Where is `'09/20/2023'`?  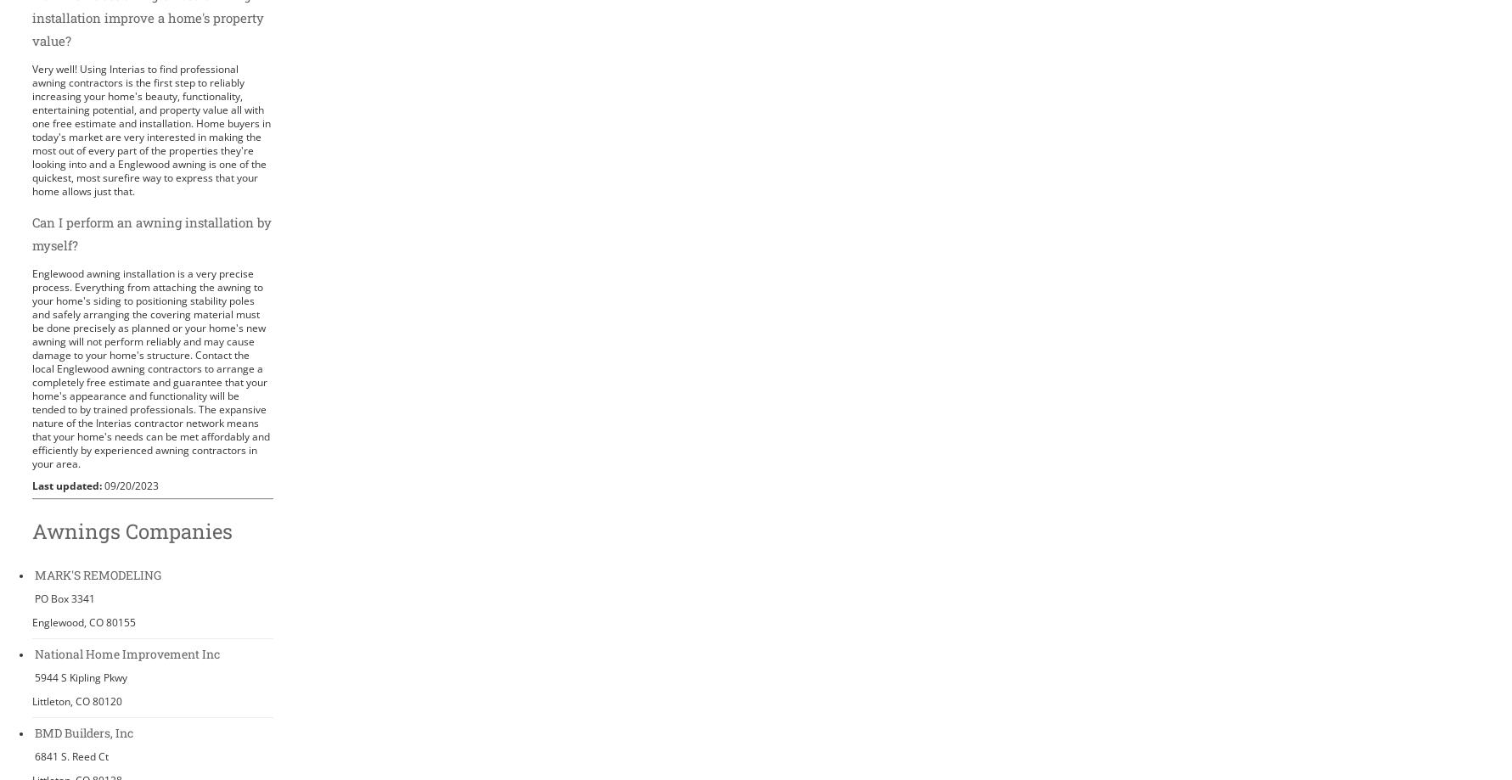 '09/20/2023' is located at coordinates (130, 485).